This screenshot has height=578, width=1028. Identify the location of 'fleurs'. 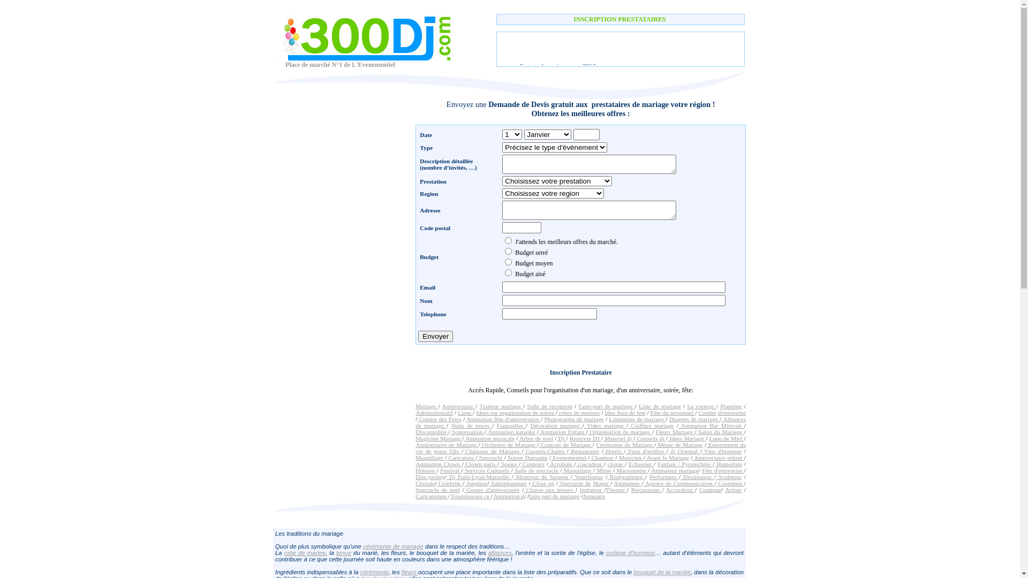
(409, 571).